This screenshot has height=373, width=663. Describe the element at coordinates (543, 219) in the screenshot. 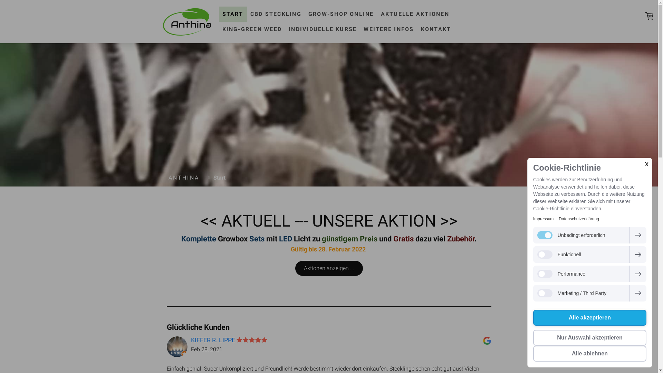

I see `'Impressum'` at that location.